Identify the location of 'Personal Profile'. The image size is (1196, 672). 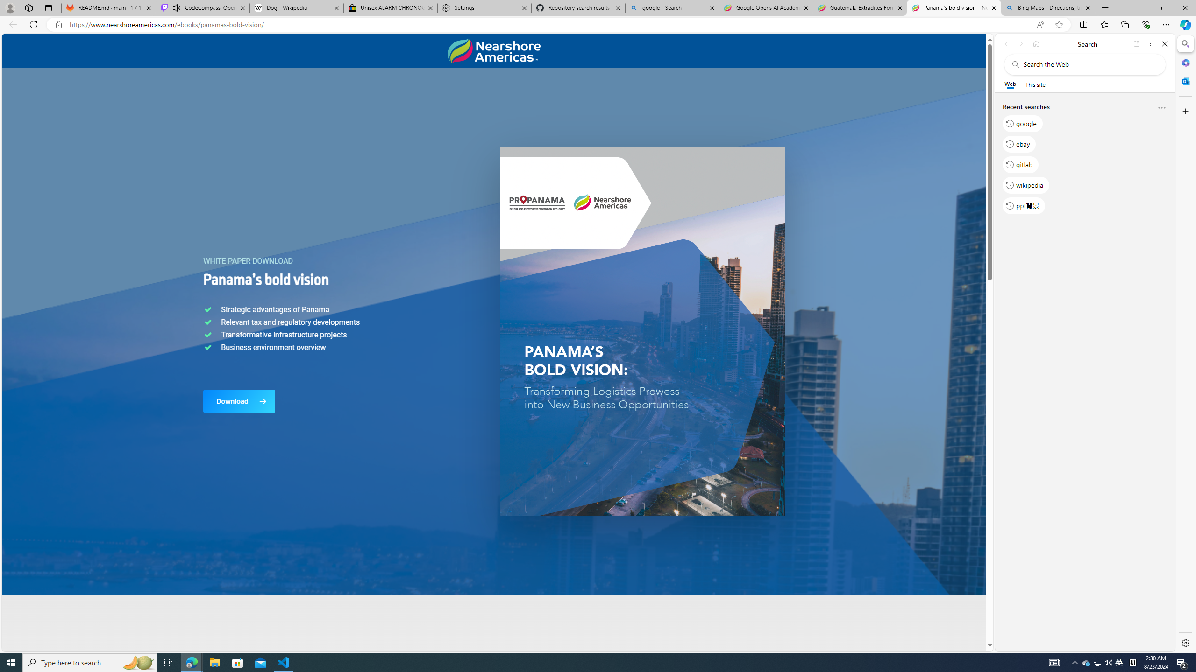
(9, 7).